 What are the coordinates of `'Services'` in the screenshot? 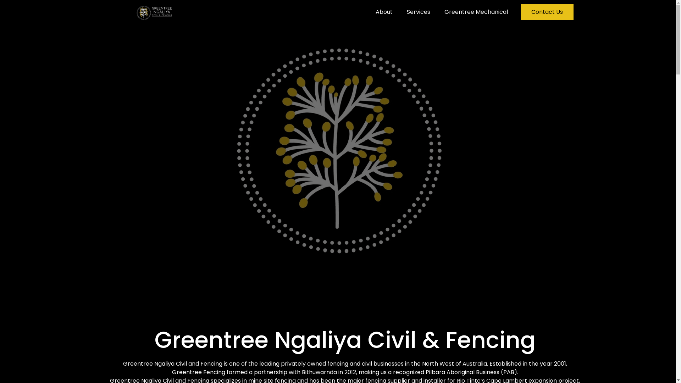 It's located at (419, 12).